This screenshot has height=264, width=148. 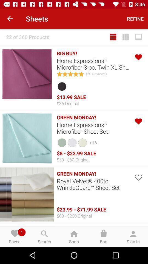 I want to click on favorite, so click(x=138, y=177).